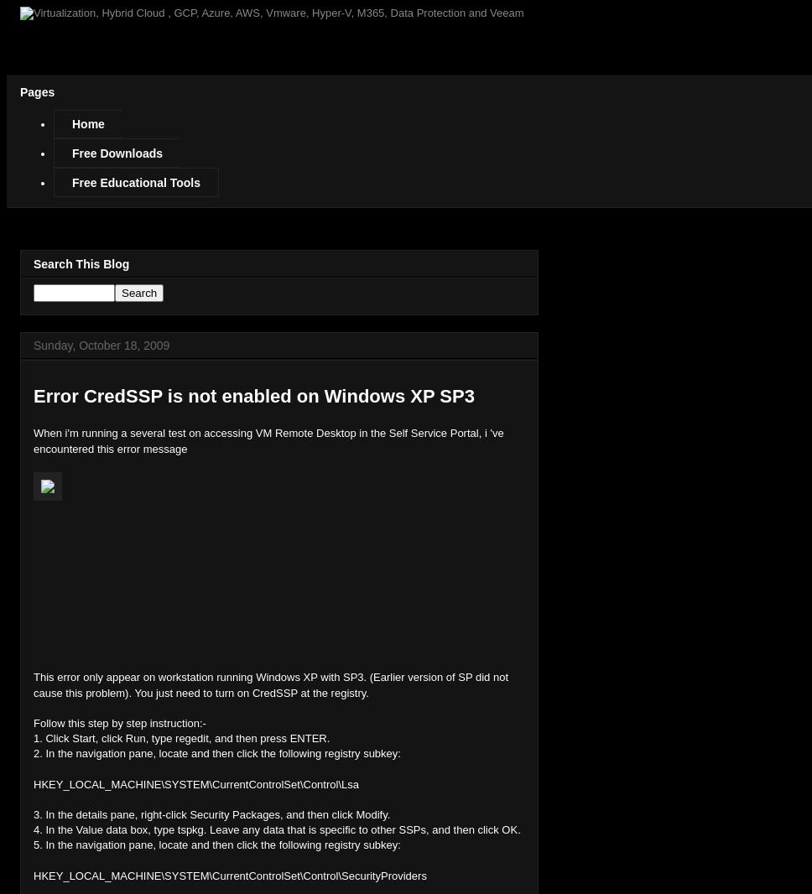  What do you see at coordinates (81, 264) in the screenshot?
I see `'Search This Blog'` at bounding box center [81, 264].